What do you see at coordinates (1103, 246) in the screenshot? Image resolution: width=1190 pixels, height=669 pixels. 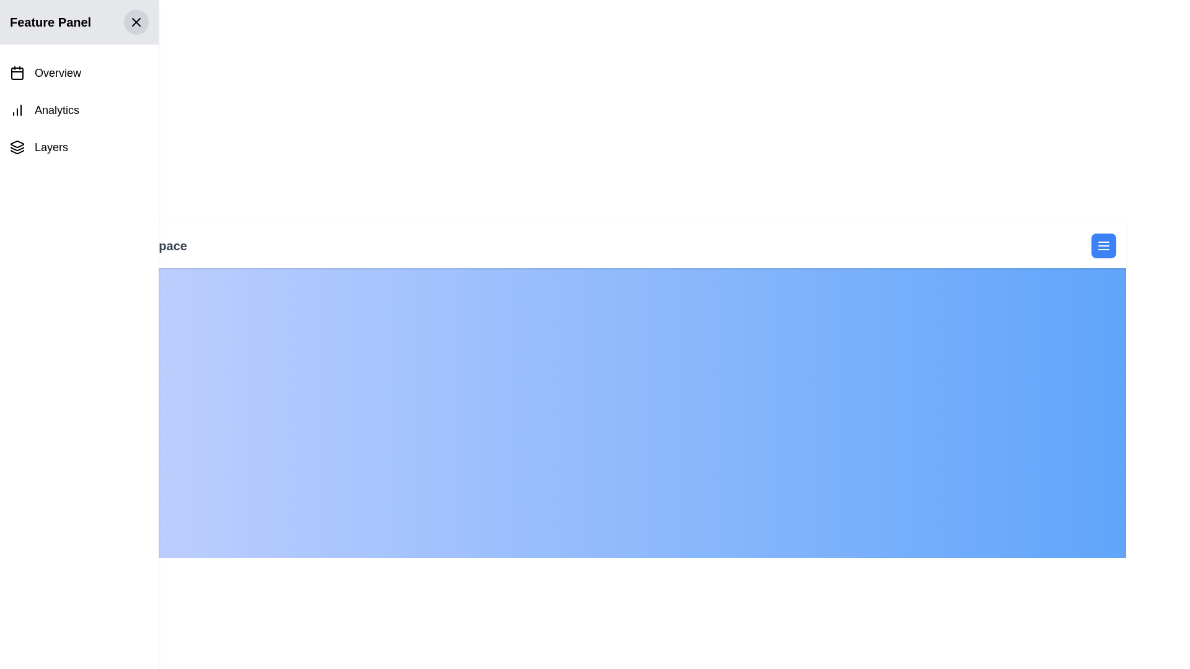 I see `the rounded rectangular button with a blue background and a white menu icon, located at the far right end of the header section` at bounding box center [1103, 246].